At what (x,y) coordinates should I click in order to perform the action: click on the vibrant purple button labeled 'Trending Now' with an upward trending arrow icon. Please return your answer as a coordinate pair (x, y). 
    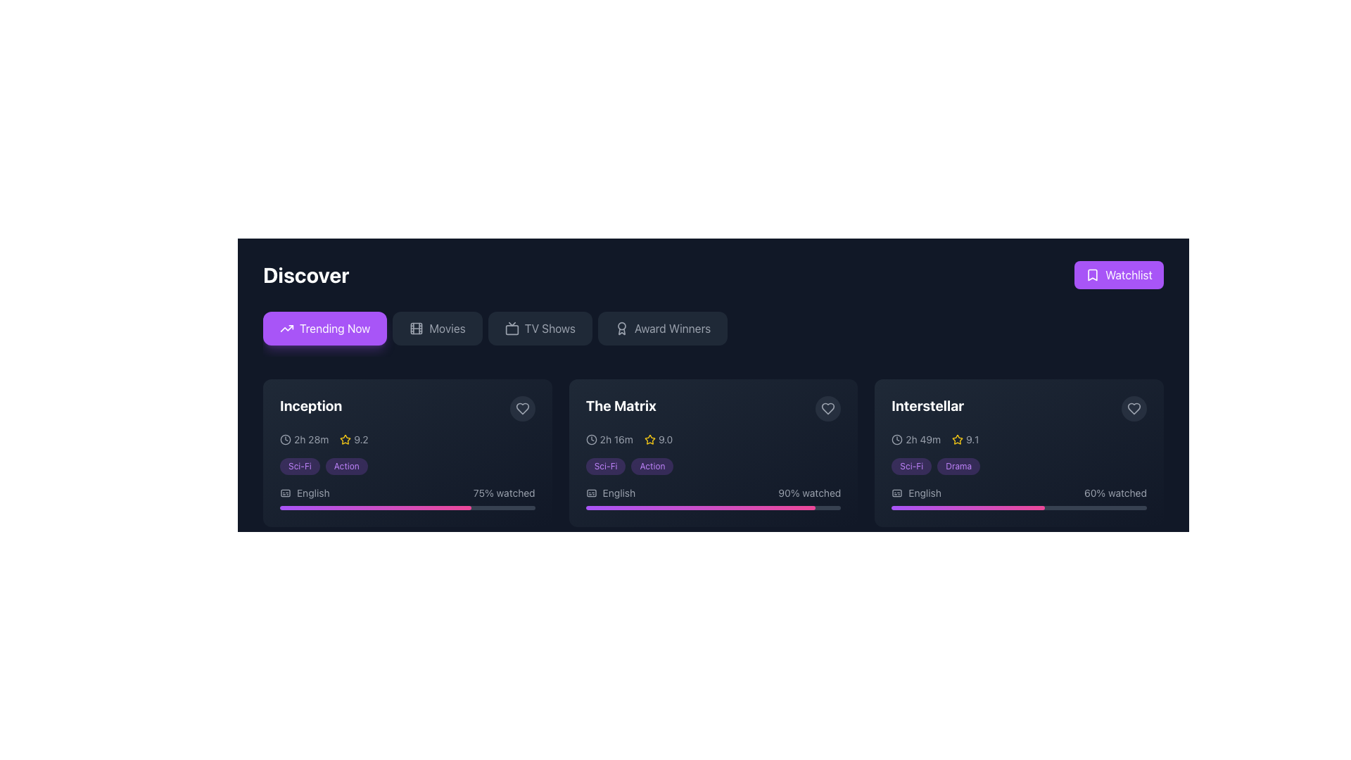
    Looking at the image, I should click on (324, 328).